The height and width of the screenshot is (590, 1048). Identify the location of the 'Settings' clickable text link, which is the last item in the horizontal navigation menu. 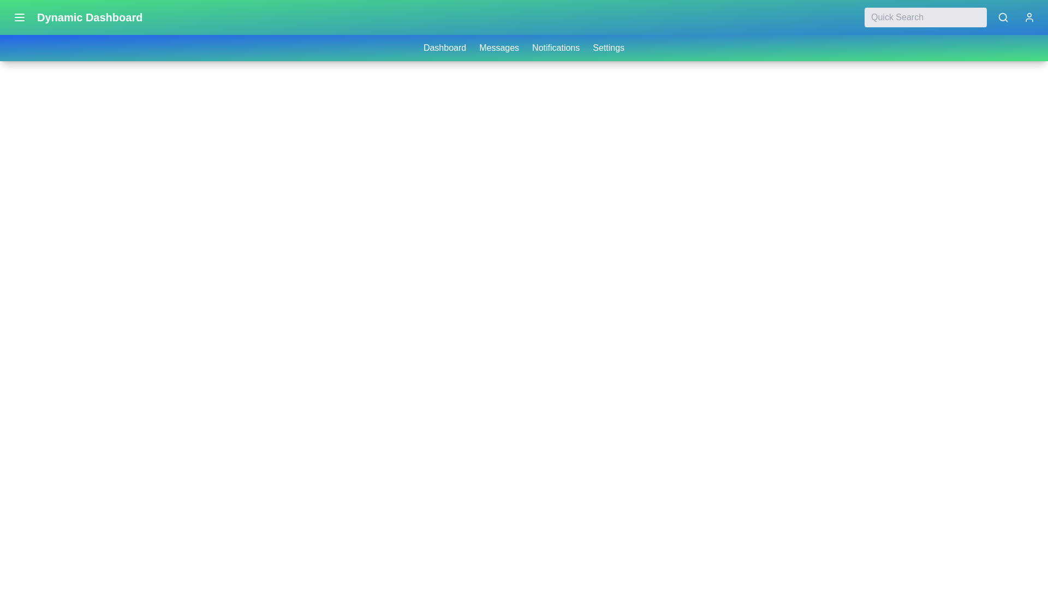
(608, 48).